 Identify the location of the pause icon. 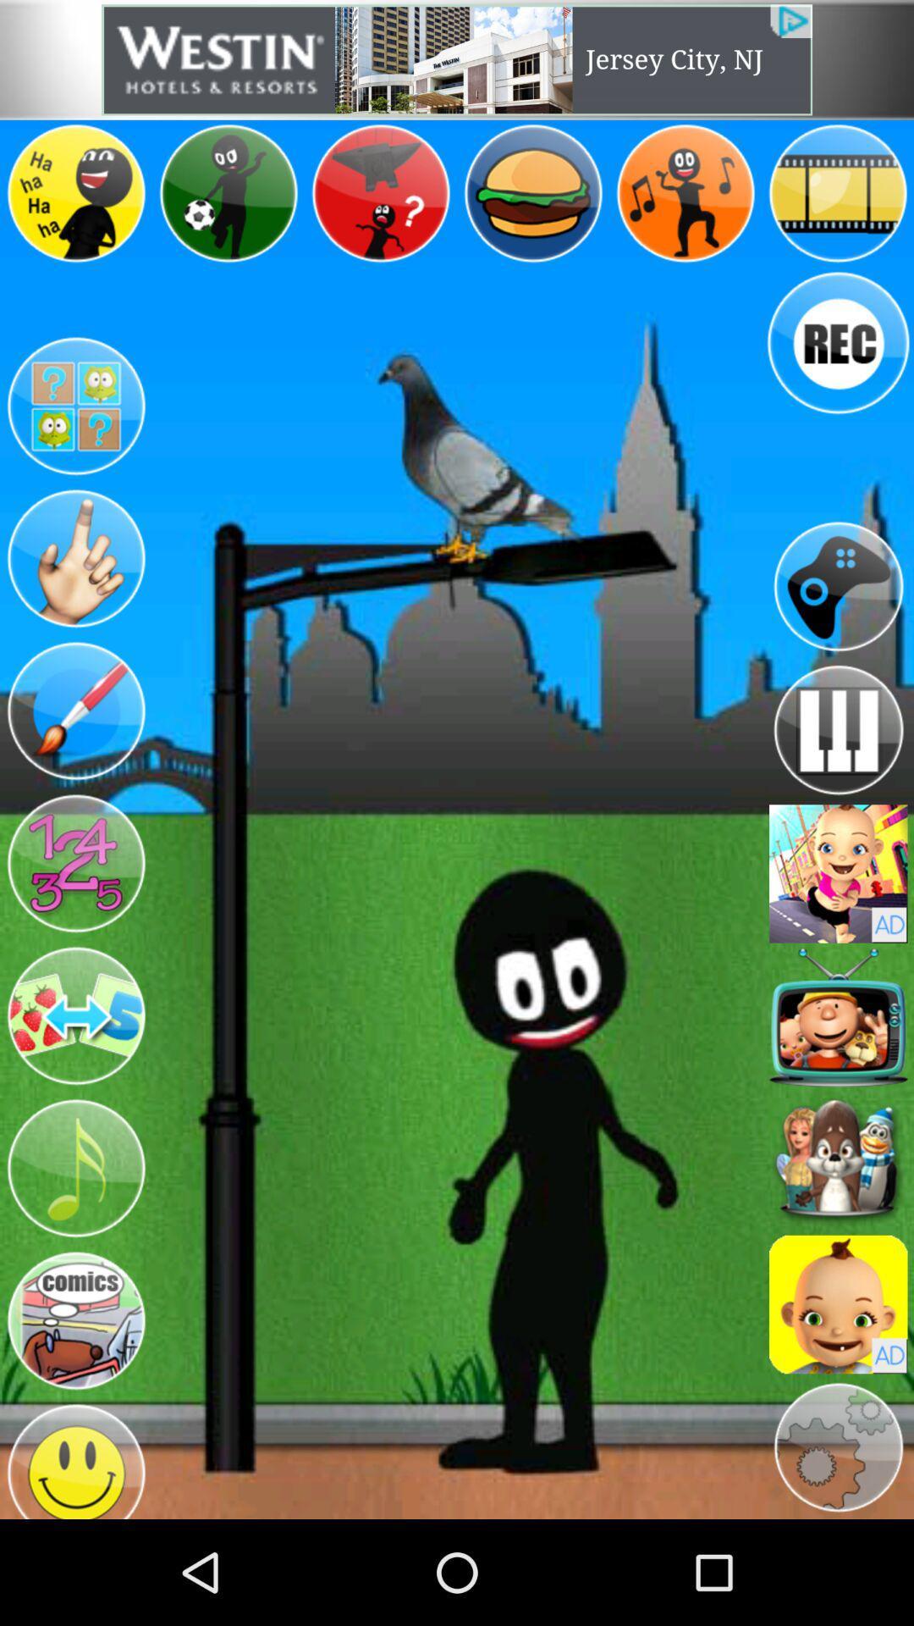
(838, 781).